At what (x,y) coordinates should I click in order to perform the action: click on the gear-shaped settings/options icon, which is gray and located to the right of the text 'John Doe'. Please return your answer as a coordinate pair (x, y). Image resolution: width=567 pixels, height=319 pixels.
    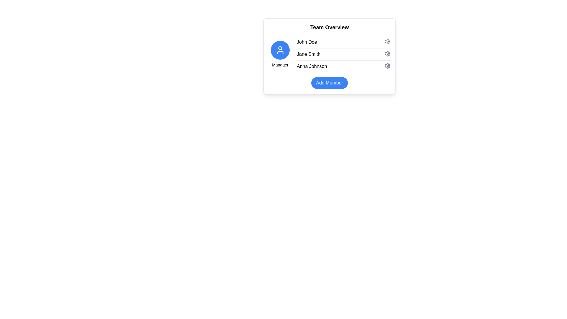
    Looking at the image, I should click on (388, 41).